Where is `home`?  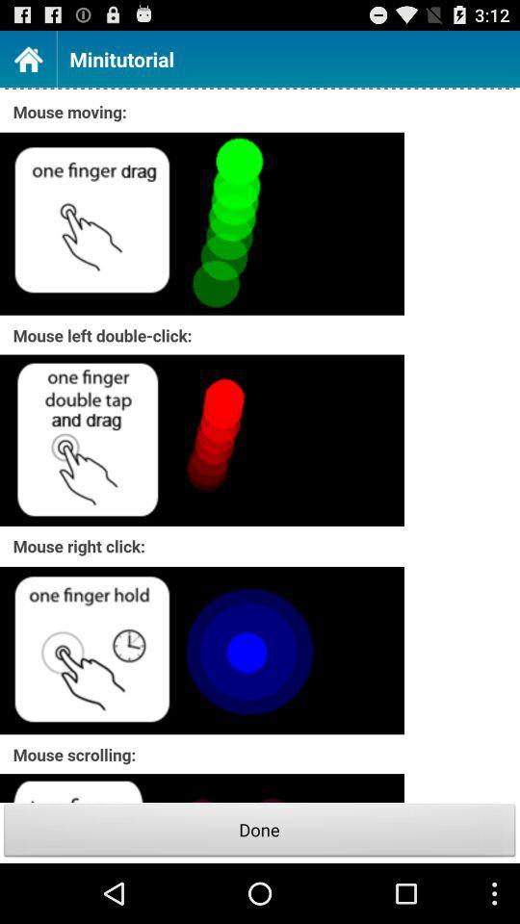
home is located at coordinates (27, 59).